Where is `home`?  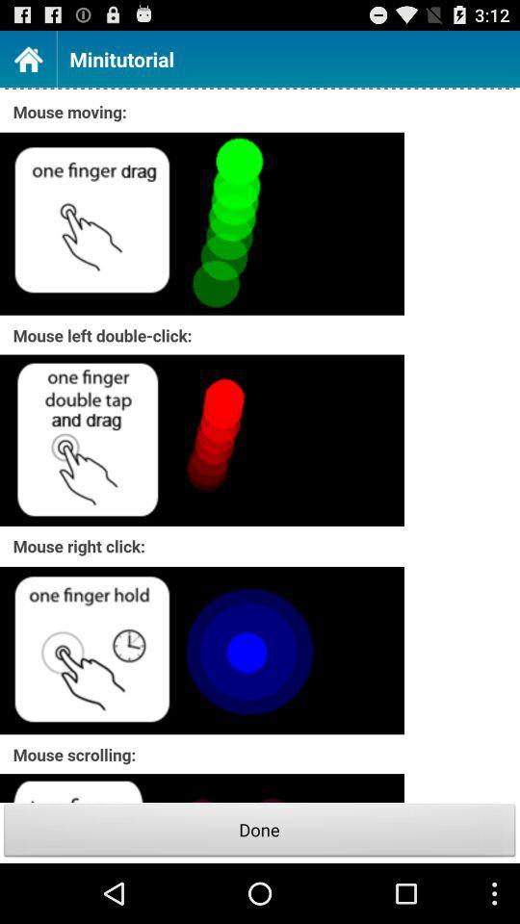
home is located at coordinates (27, 59).